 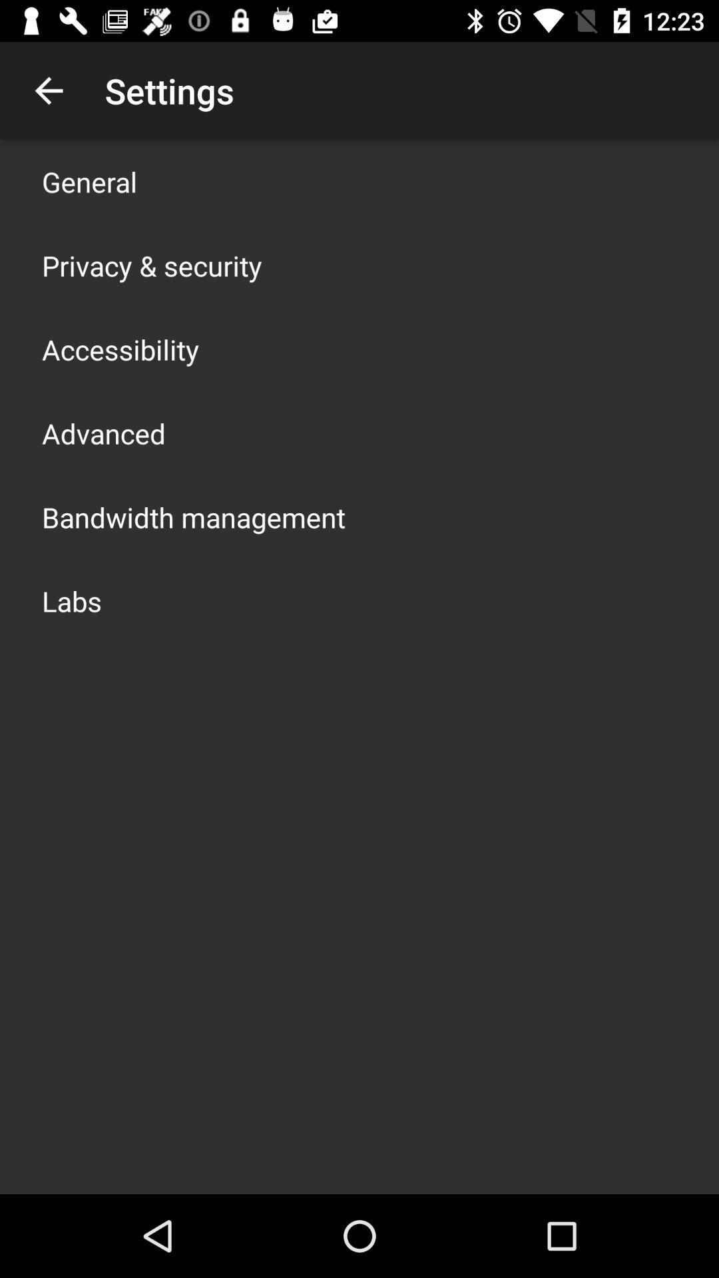 What do you see at coordinates (193, 517) in the screenshot?
I see `the icon above labs app` at bounding box center [193, 517].